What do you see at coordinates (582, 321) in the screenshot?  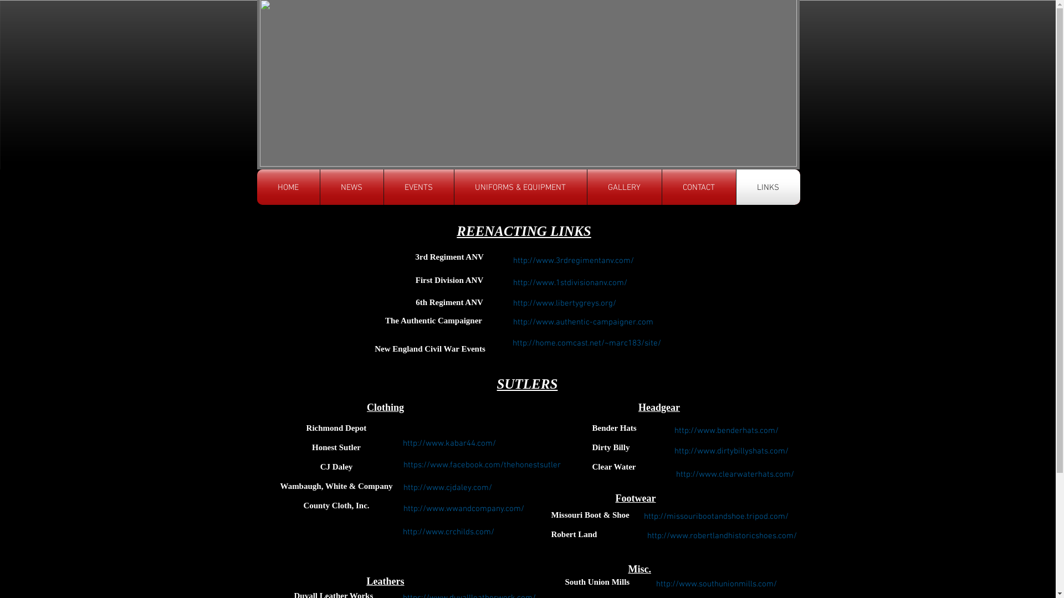 I see `'http://www.authentic-campaigner.com'` at bounding box center [582, 321].